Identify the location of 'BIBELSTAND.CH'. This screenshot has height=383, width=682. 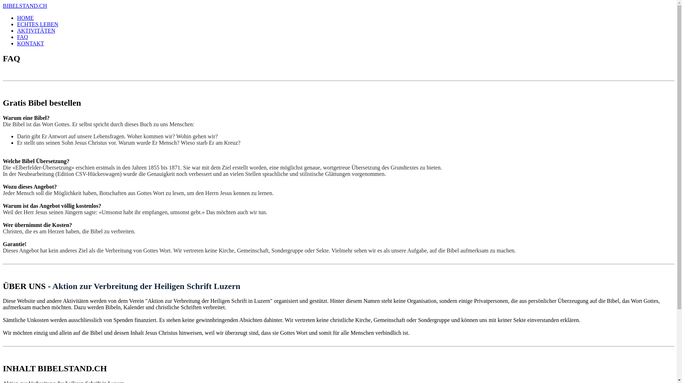
(25, 6).